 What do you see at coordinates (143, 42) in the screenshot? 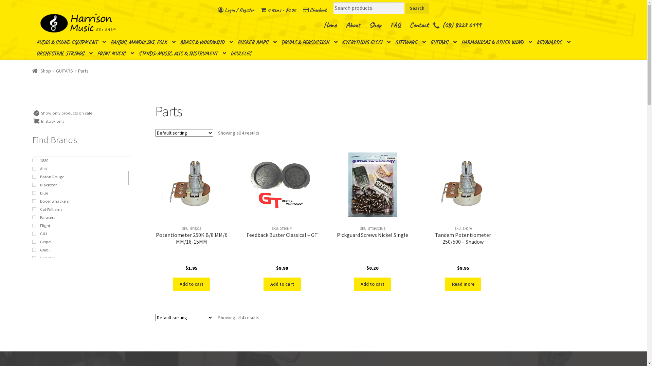
I see `'BANJOS, MANDOLINS, FOLK'` at bounding box center [143, 42].